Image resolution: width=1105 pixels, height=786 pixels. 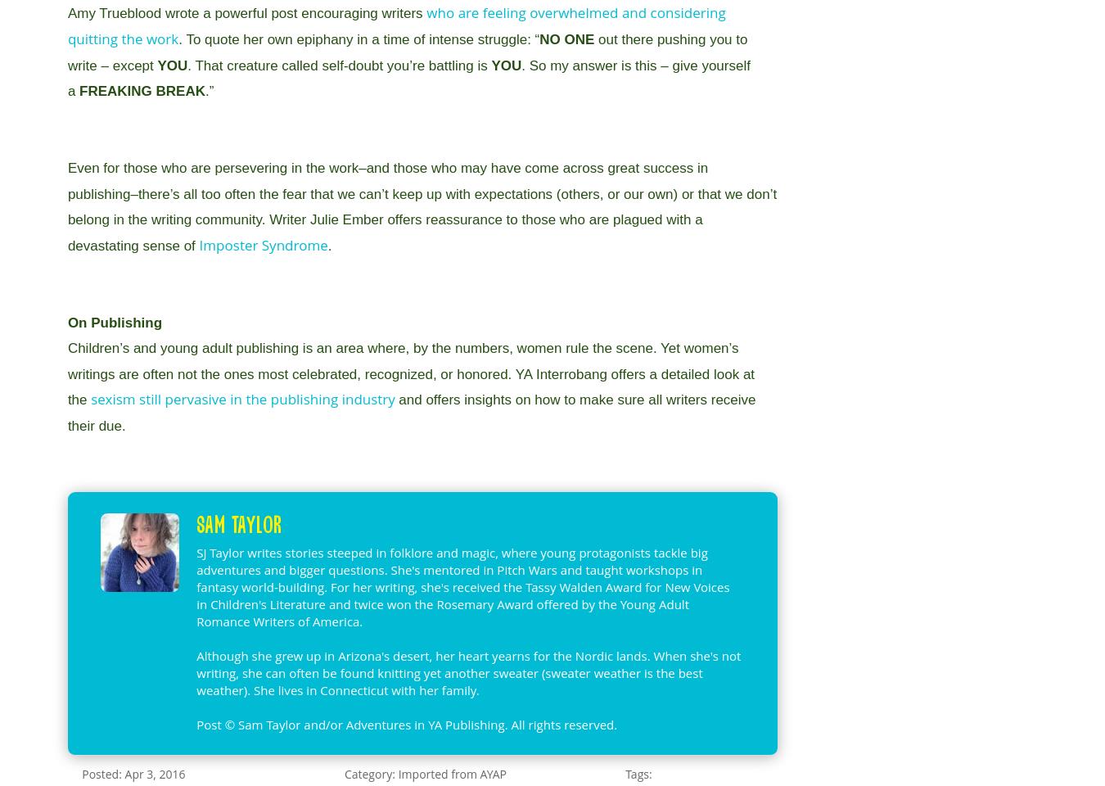 What do you see at coordinates (244, 398) in the screenshot?
I see `'sexism still pervasive in the publishing industry'` at bounding box center [244, 398].